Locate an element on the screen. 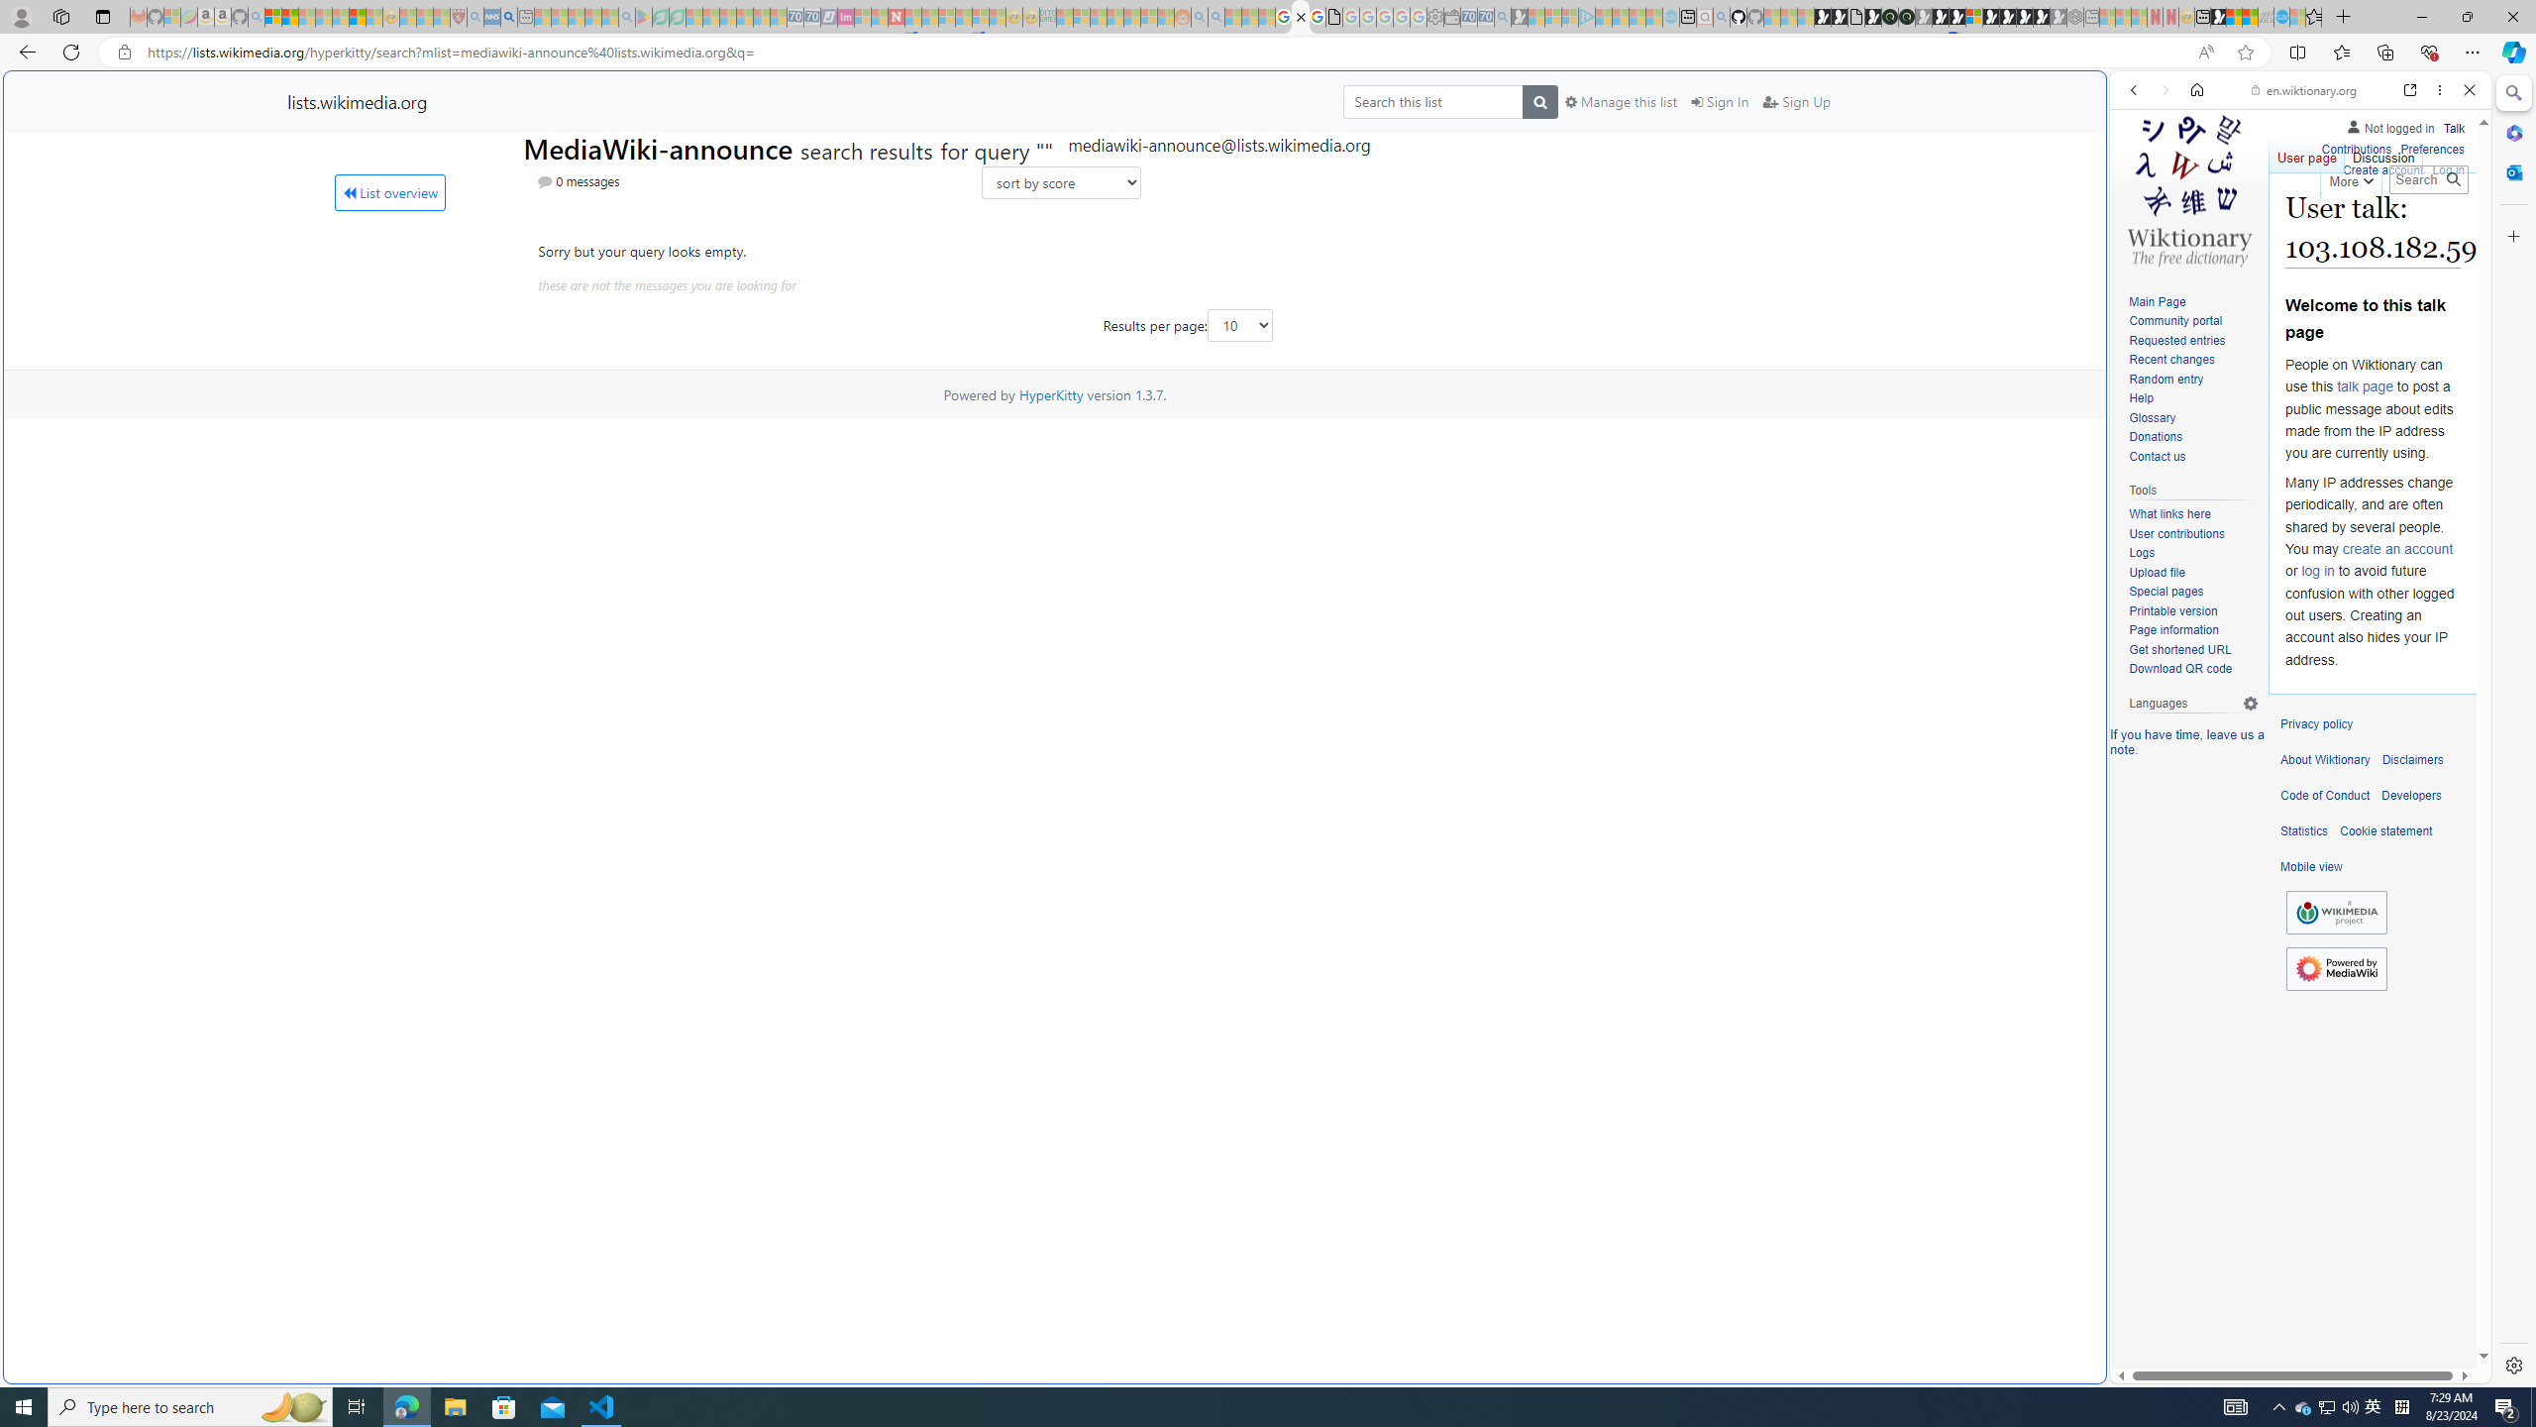  'Community portal' is located at coordinates (2192, 322).